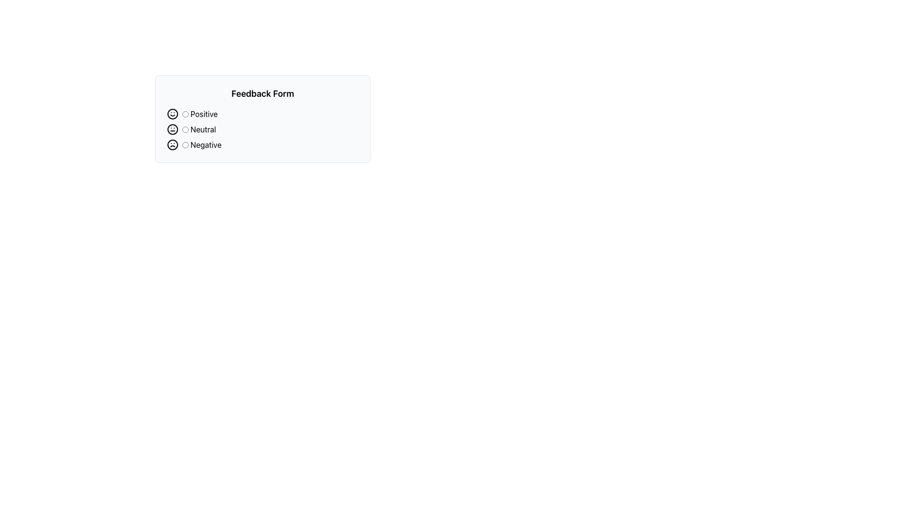  Describe the element at coordinates (263, 129) in the screenshot. I see `the 'Neutral' radio button with a neutral face emoji to receive visual feedback` at that location.